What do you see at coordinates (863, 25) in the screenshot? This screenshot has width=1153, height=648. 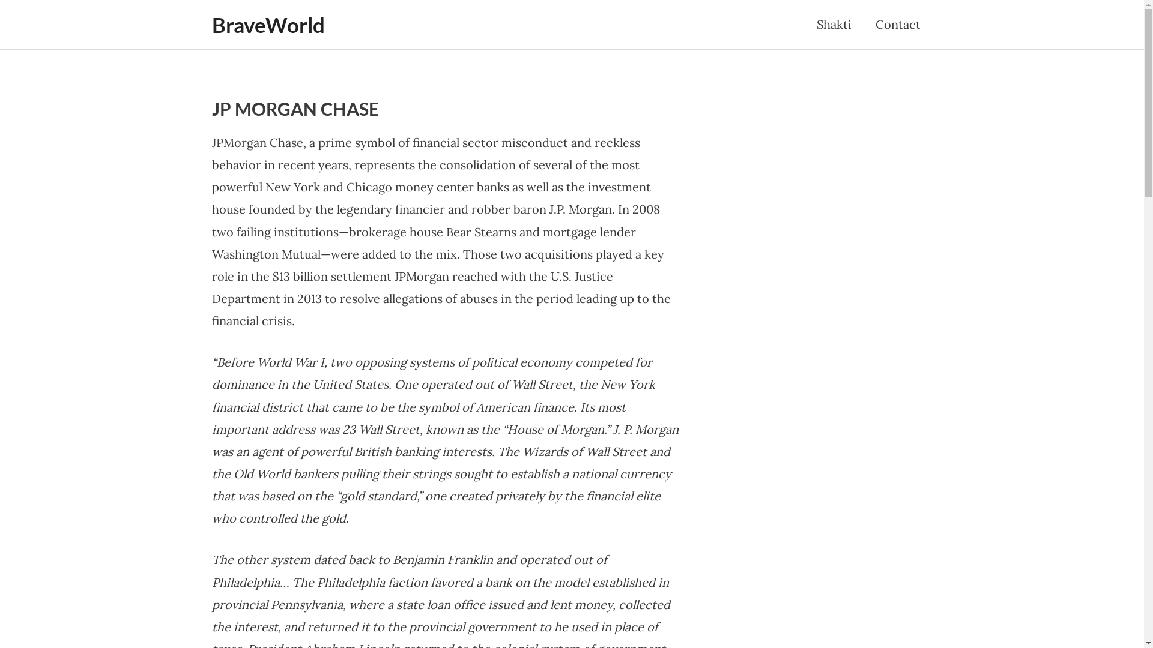 I see `'Contact'` at bounding box center [863, 25].